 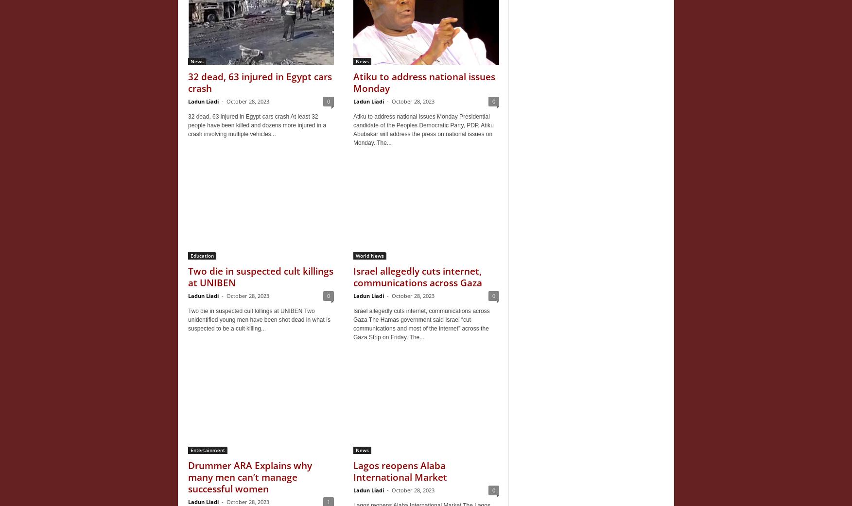 What do you see at coordinates (400, 471) in the screenshot?
I see `'Lagos reopens Alaba International Market'` at bounding box center [400, 471].